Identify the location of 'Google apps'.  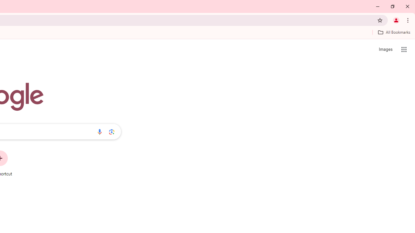
(404, 49).